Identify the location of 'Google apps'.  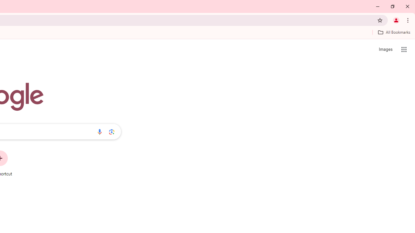
(404, 49).